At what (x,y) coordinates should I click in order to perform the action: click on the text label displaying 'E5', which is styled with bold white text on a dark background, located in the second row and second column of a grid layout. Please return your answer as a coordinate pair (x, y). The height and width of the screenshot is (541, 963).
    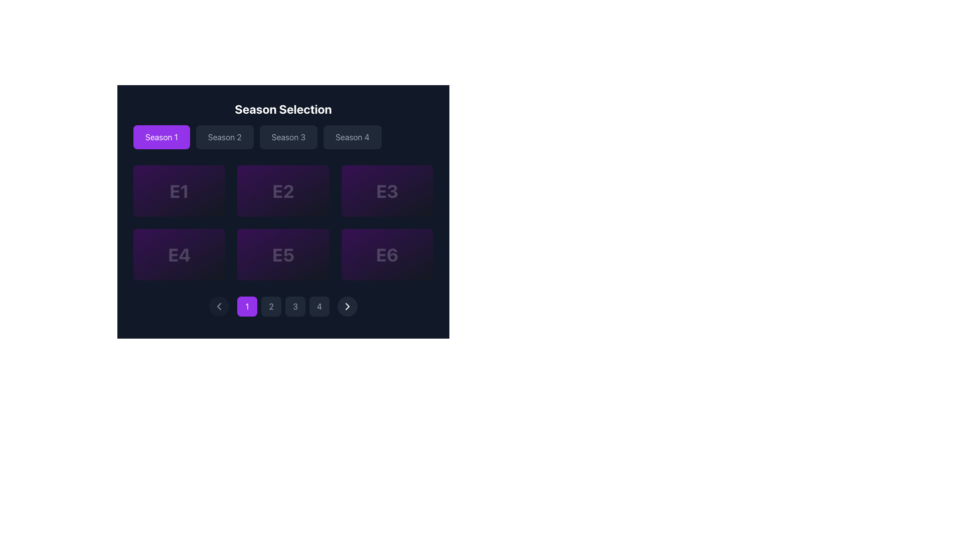
    Looking at the image, I should click on (283, 254).